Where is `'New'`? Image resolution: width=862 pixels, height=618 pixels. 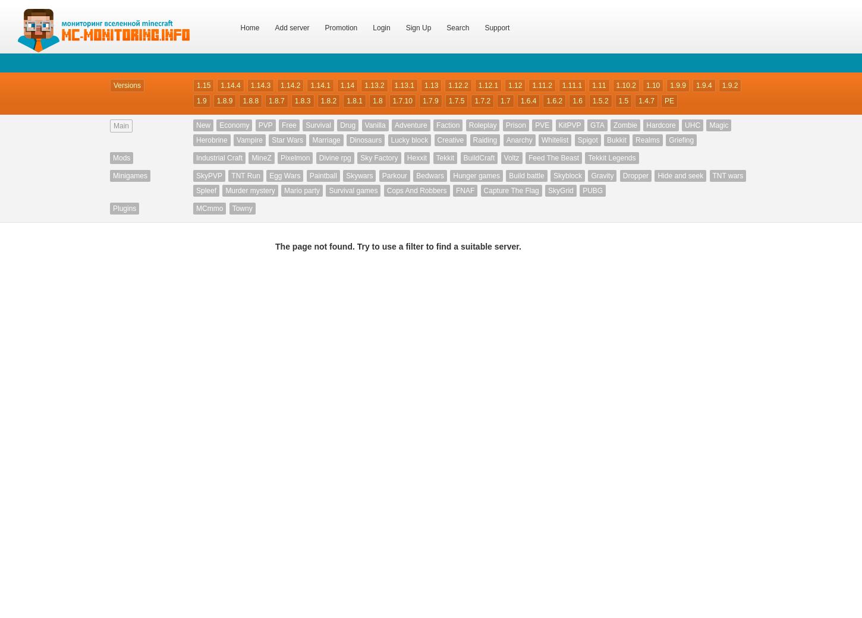
'New' is located at coordinates (203, 125).